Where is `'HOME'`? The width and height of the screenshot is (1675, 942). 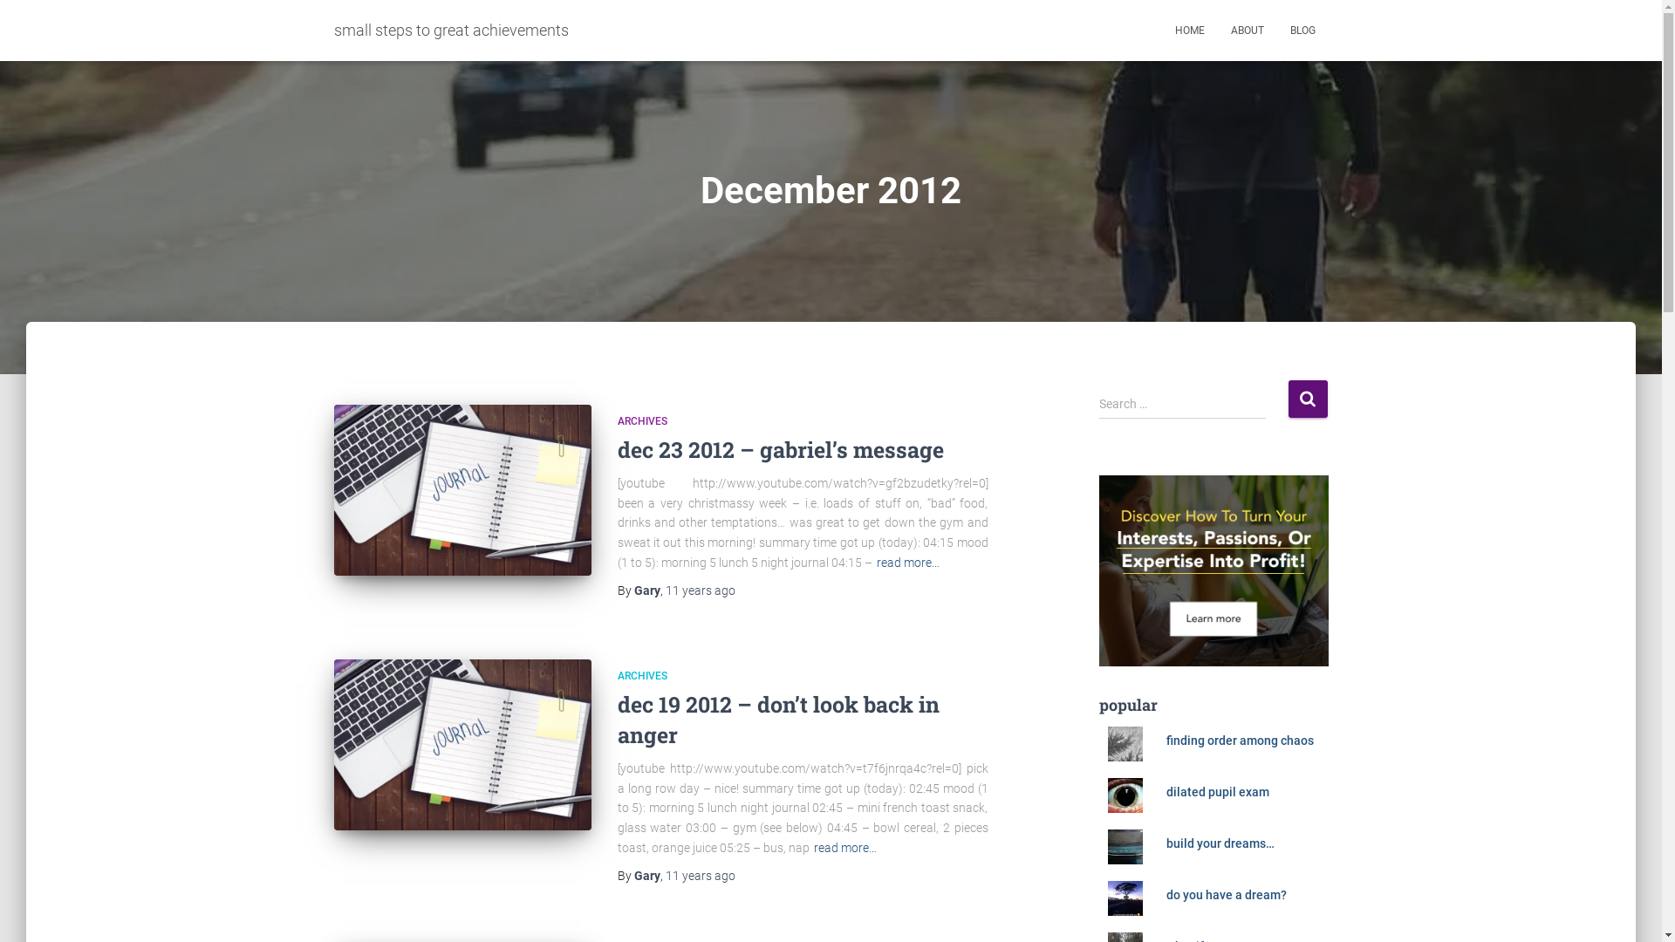 'HOME' is located at coordinates (1188, 30).